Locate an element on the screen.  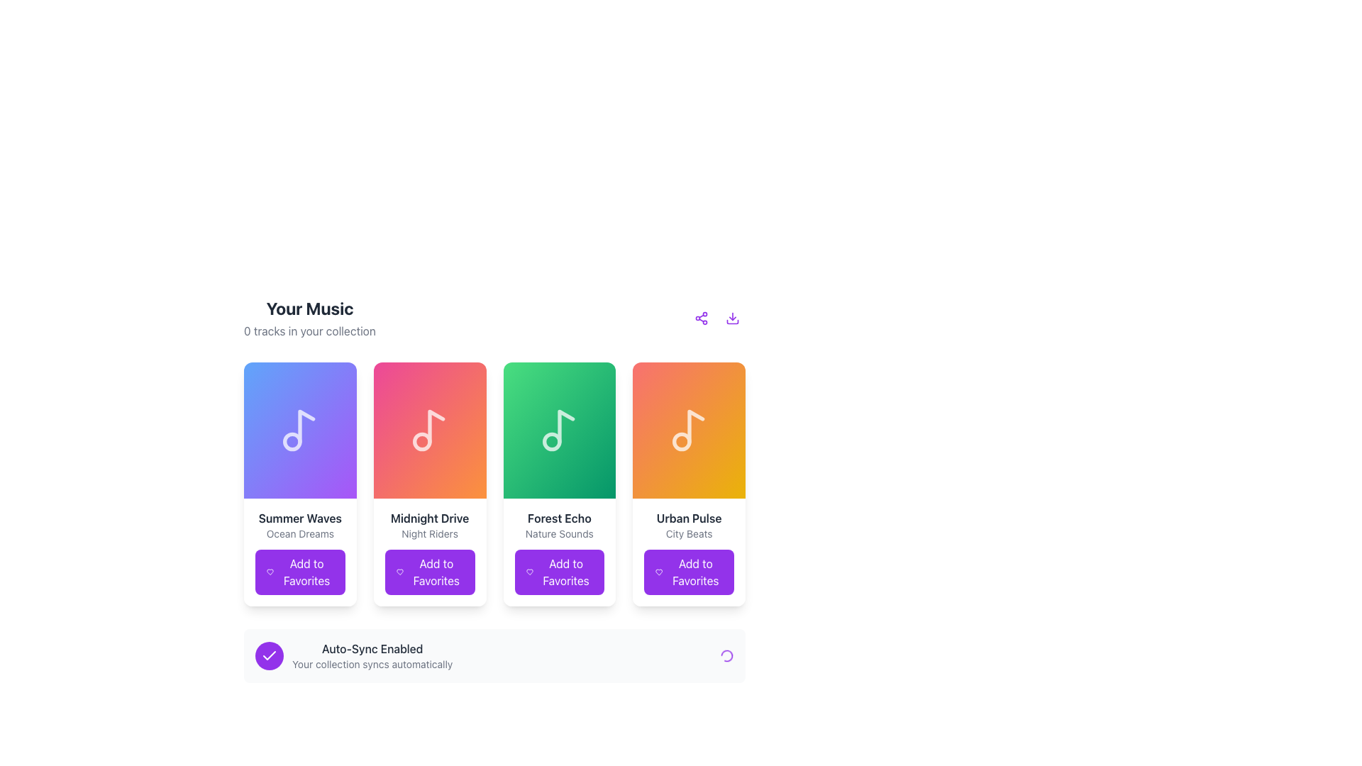
the static text label that indicates the current synchronization status, confirming that auto-sync is activated is located at coordinates (372, 648).